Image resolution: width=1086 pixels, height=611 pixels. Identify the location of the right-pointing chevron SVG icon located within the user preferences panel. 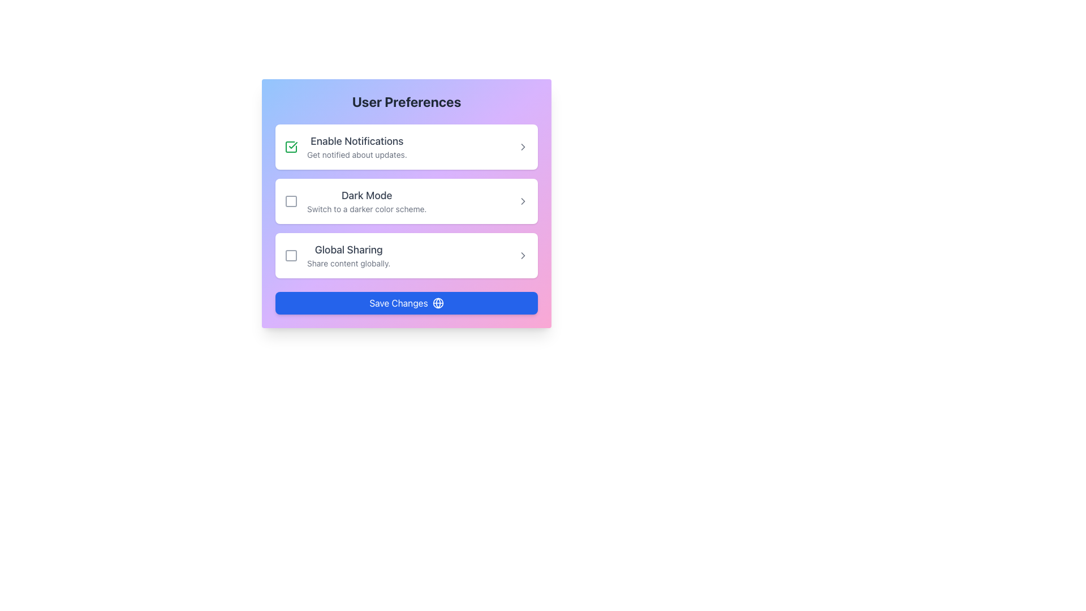
(523, 200).